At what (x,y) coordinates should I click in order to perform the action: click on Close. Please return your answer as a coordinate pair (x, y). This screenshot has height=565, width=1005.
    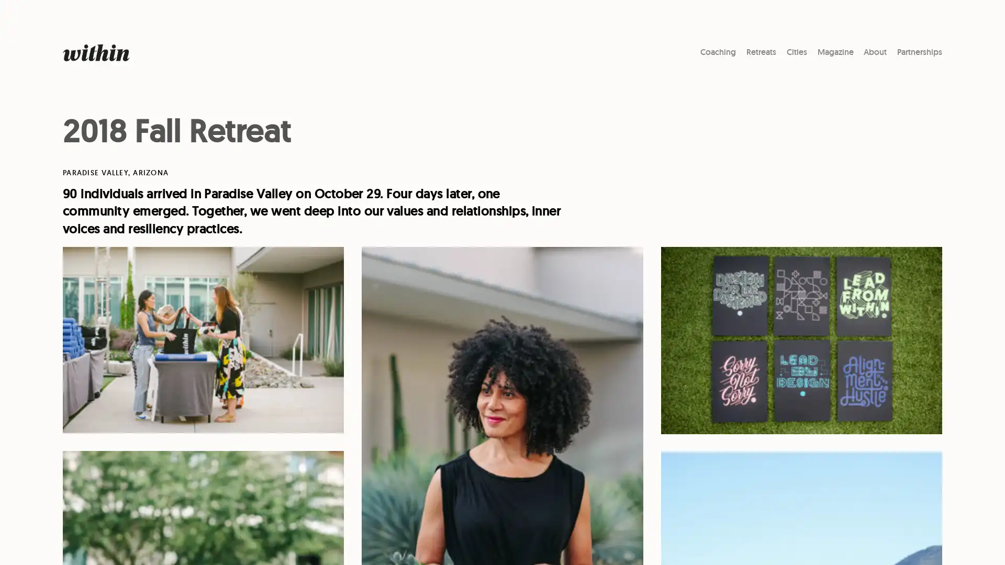
    Looking at the image, I should click on (651, 205).